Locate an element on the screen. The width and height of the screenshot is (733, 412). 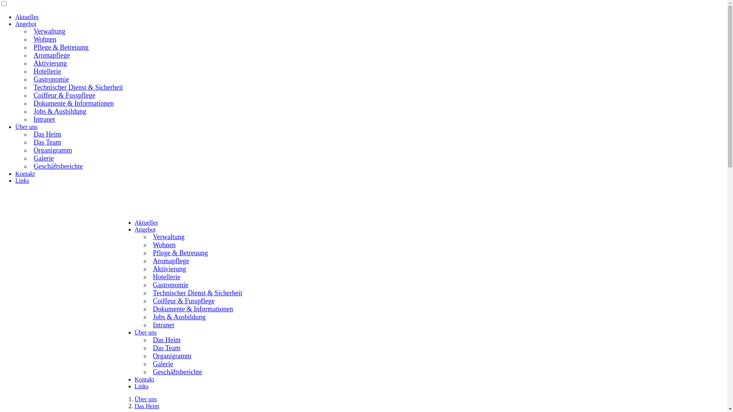
'Das Team' is located at coordinates (31, 141).